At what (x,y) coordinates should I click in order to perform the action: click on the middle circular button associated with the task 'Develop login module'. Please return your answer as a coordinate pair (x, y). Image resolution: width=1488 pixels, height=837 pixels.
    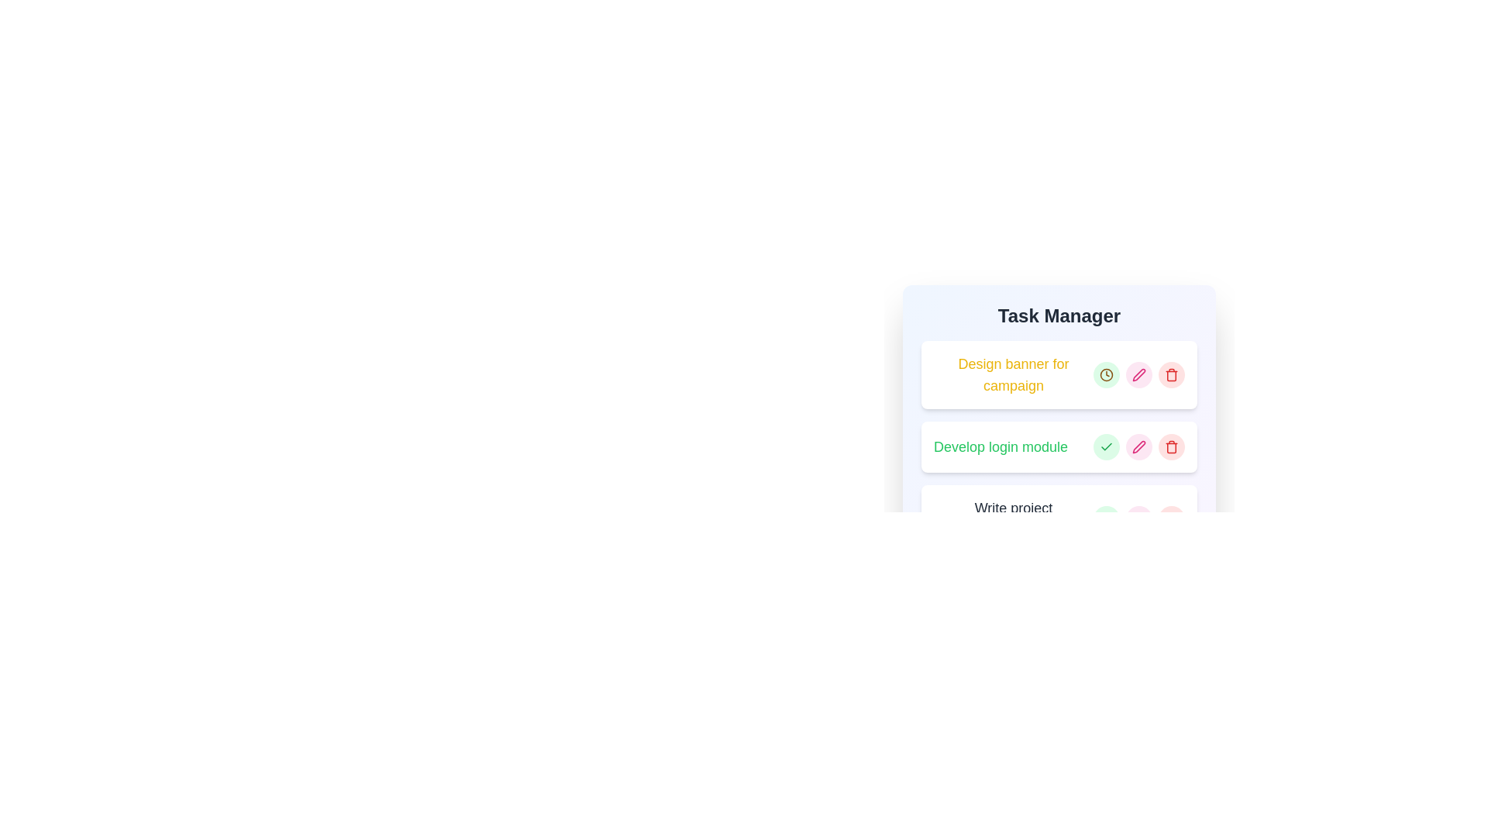
    Looking at the image, I should click on (1138, 447).